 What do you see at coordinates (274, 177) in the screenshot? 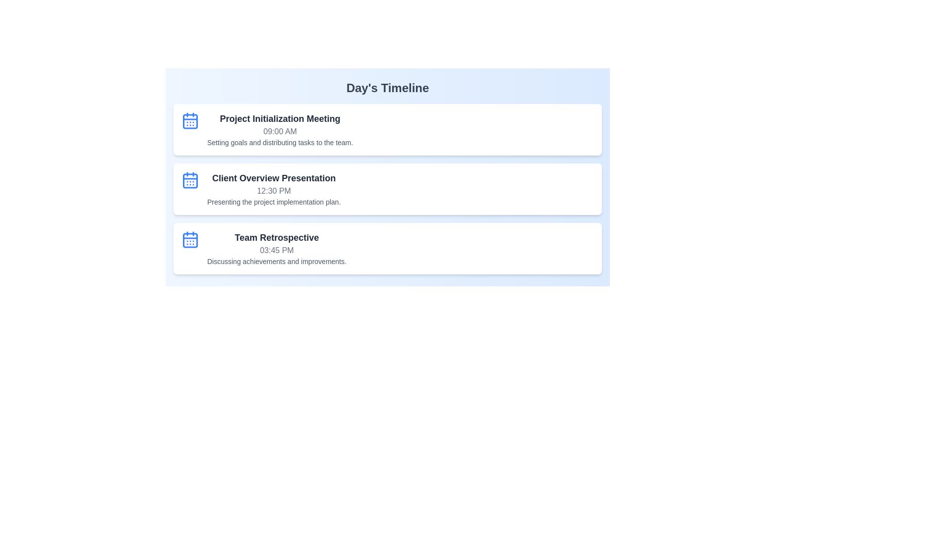
I see `the heading 'Client Overview Presentation' which identifies the second event in the timeline, located between 'Project Initialization Meeting' and 'Team Retrospective'` at bounding box center [274, 177].